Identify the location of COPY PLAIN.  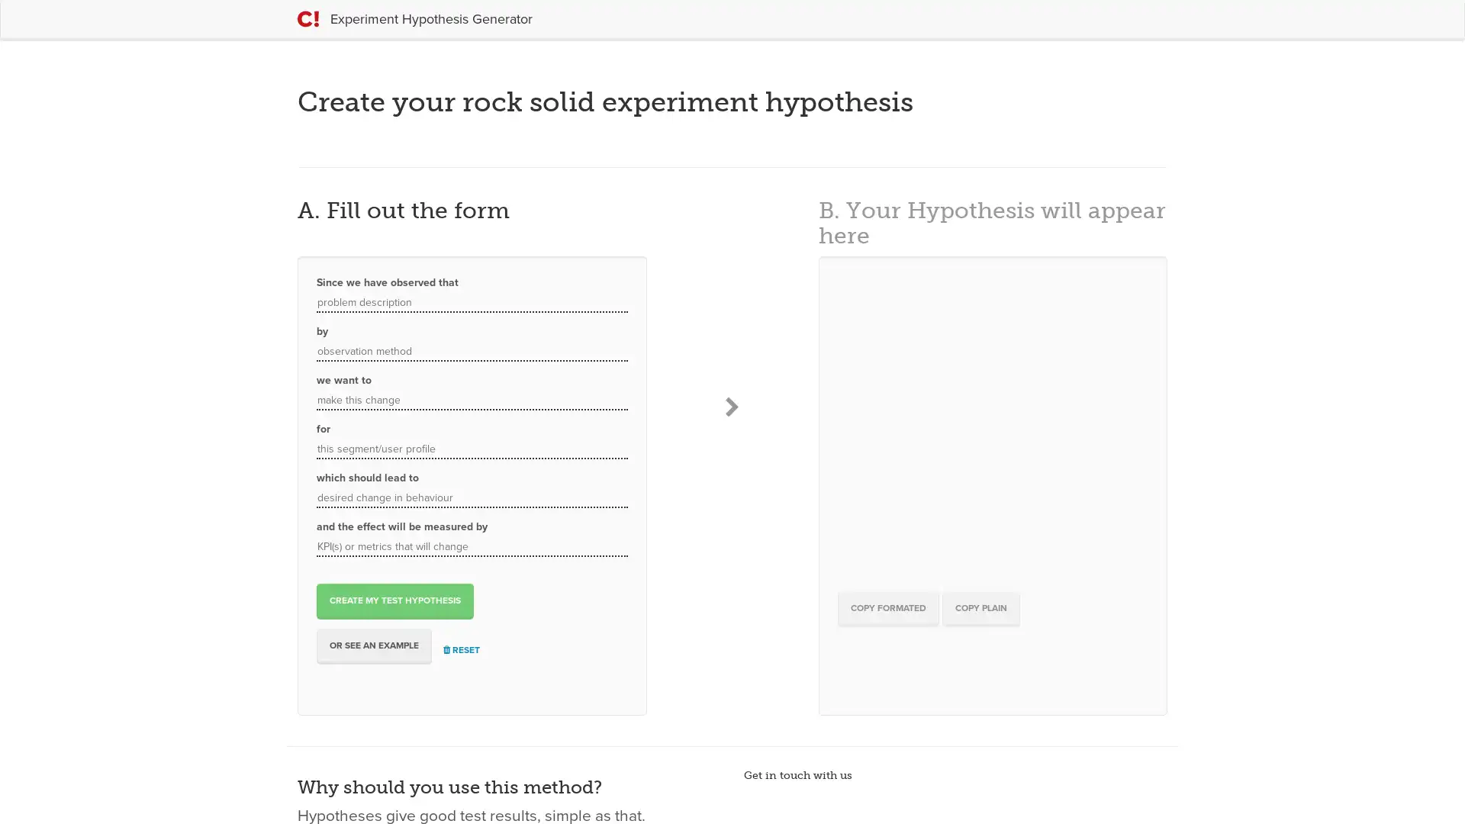
(980, 607).